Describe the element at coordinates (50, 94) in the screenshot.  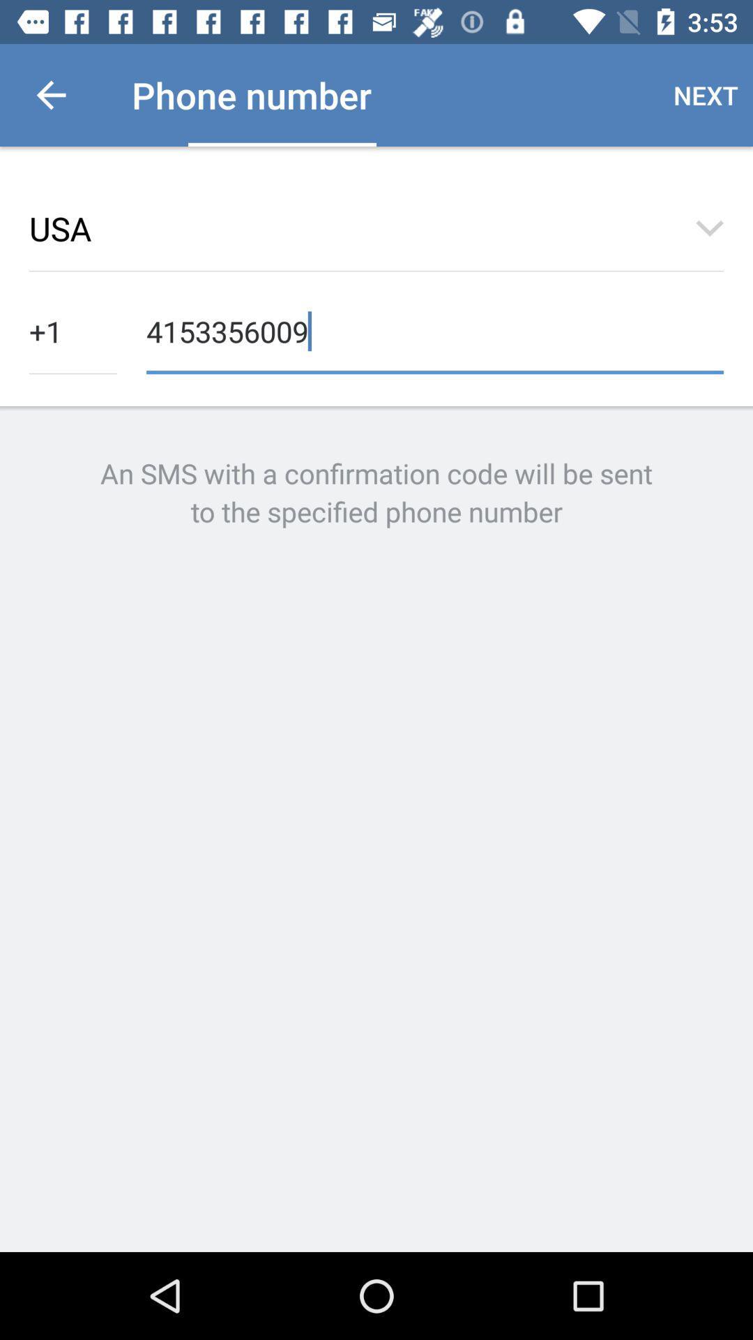
I see `the icon above usa` at that location.